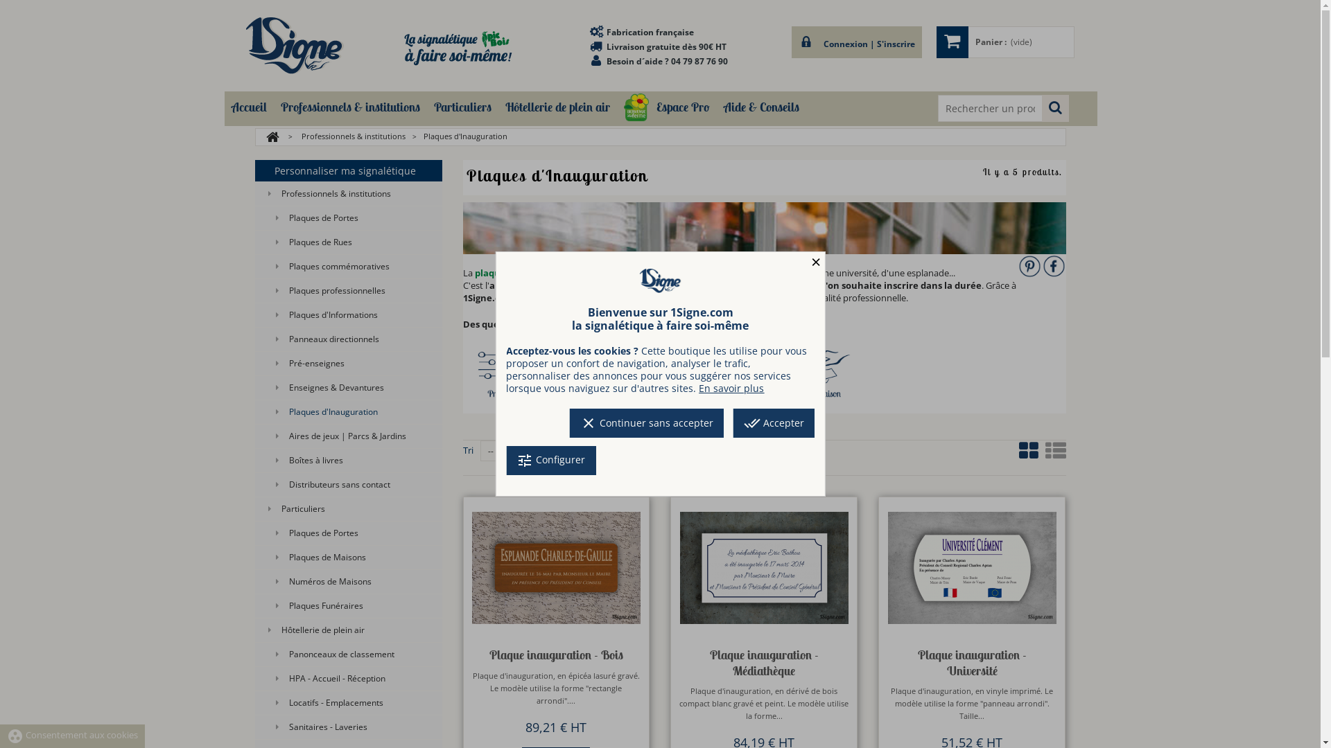 This screenshot has height=748, width=1331. Describe the element at coordinates (645, 422) in the screenshot. I see `'clear Continuer sans accepter'` at that location.